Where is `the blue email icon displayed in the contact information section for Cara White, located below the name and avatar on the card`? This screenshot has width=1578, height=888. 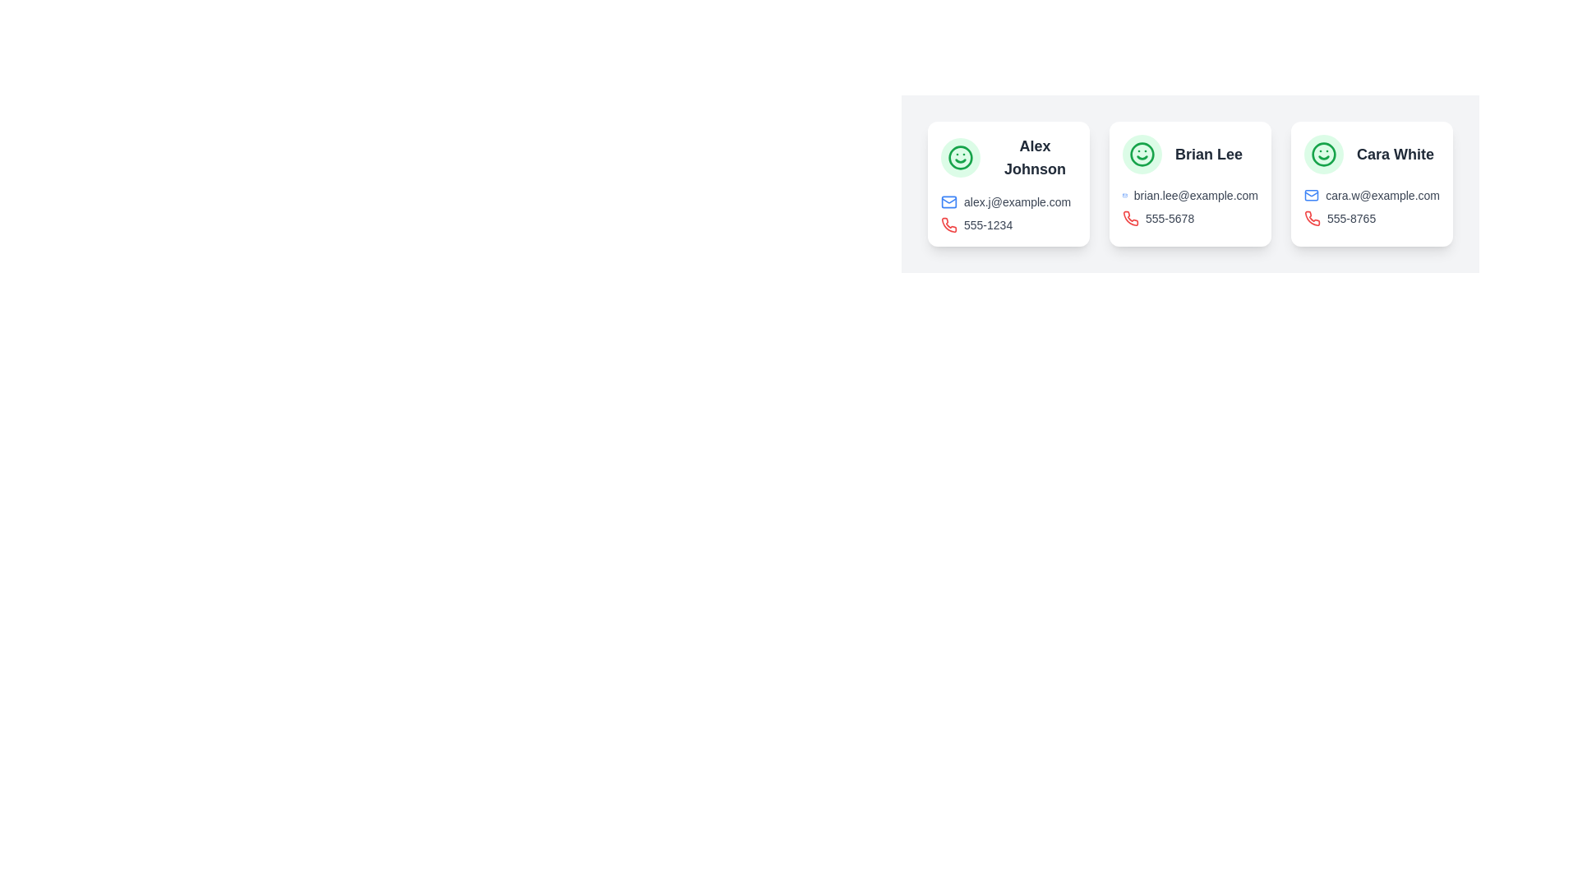 the blue email icon displayed in the contact information section for Cara White, located below the name and avatar on the card is located at coordinates (1372, 206).